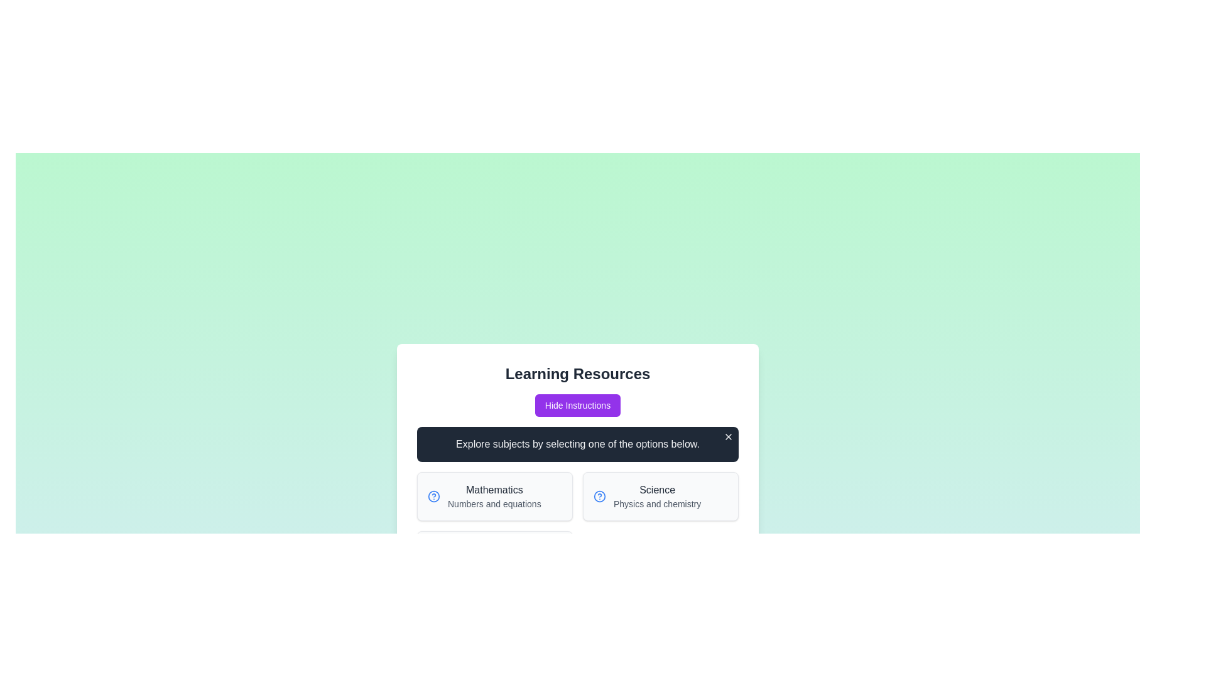  What do you see at coordinates (494, 495) in the screenshot?
I see `the 'Mathematics' topic tile located in the bottom-left section of the main content area under the 'Learning Resources' heading` at bounding box center [494, 495].